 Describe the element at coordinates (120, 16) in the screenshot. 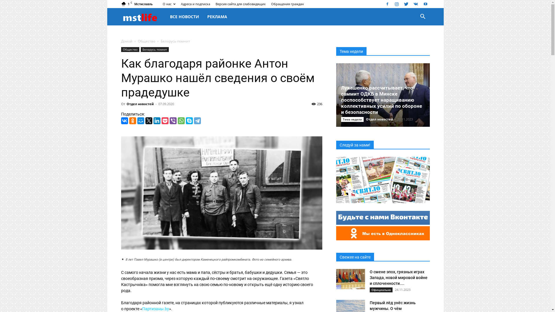

I see `'mstlife.by'` at that location.